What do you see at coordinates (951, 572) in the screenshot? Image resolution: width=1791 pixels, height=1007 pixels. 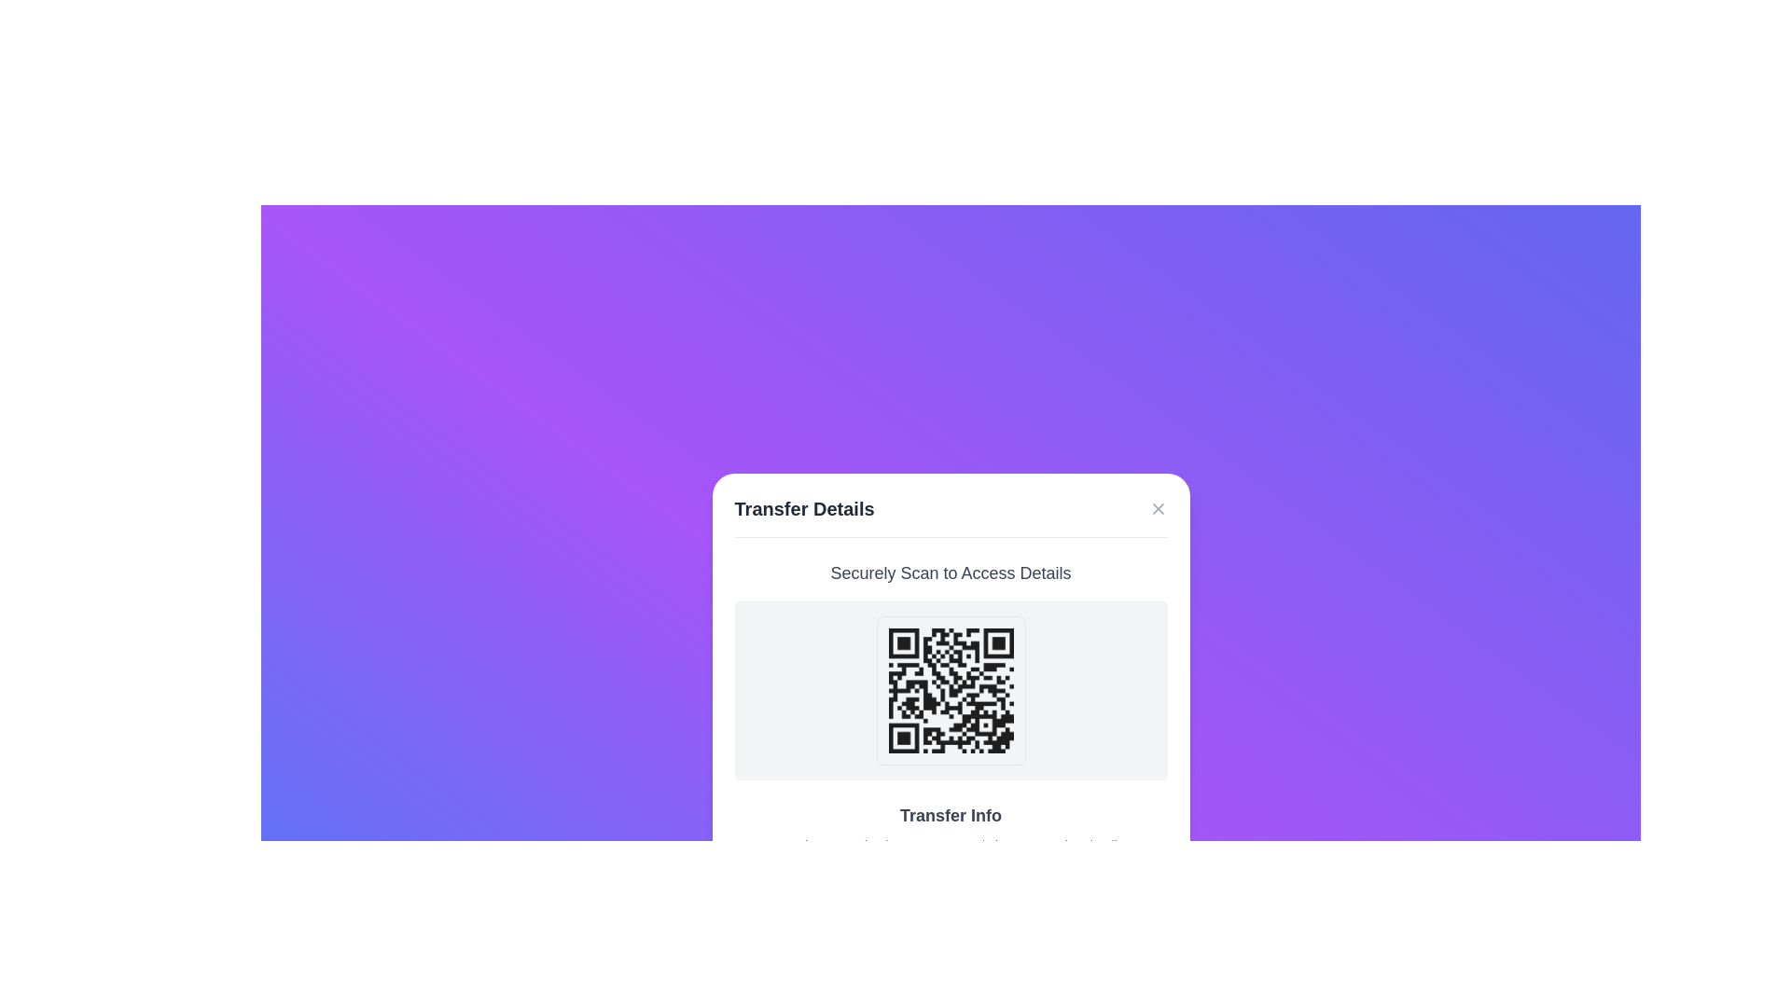 I see `the text label that reads 'Securely Scan` at bounding box center [951, 572].